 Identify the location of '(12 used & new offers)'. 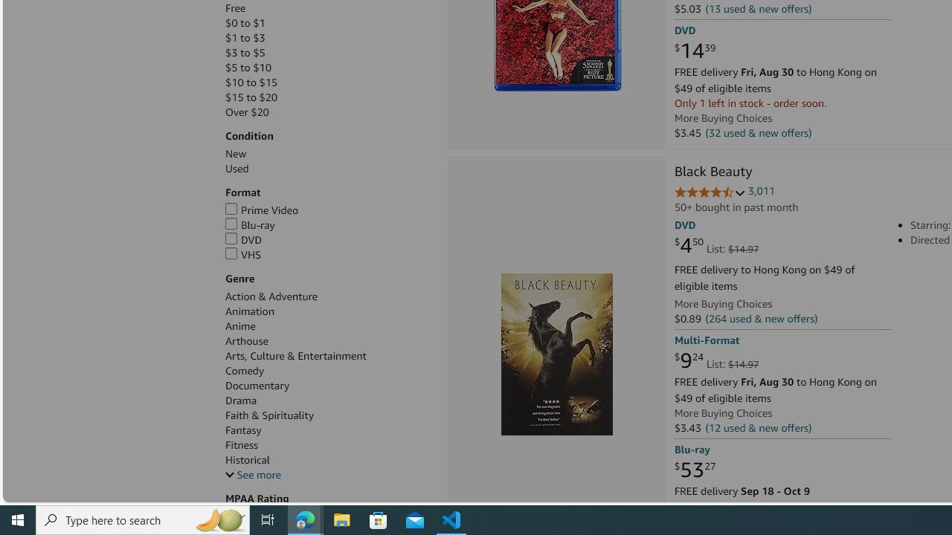
(759, 427).